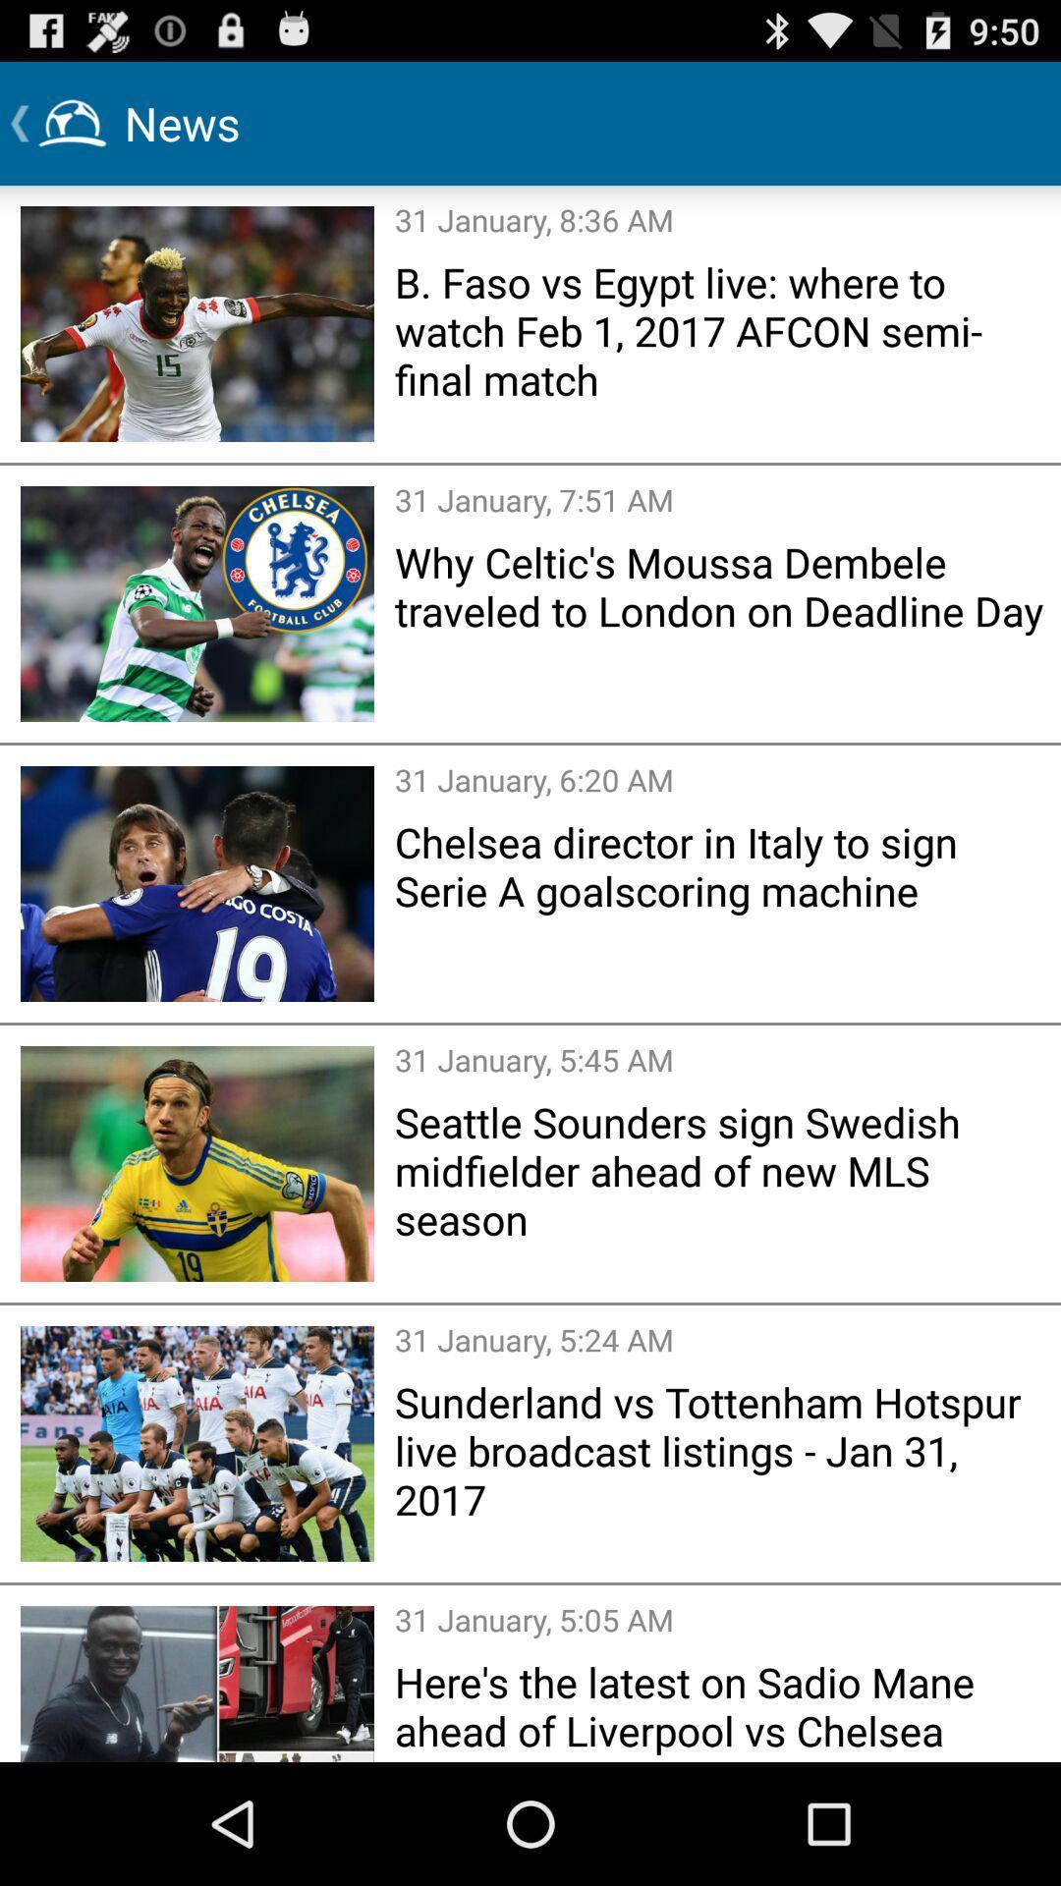 The width and height of the screenshot is (1061, 1886). What do you see at coordinates (721, 1170) in the screenshot?
I see `seattle sounders sign icon` at bounding box center [721, 1170].